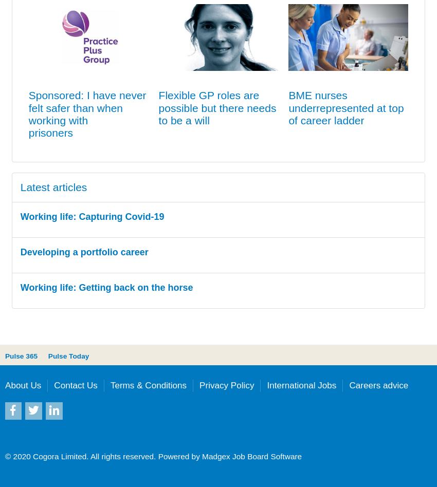 The width and height of the screenshot is (437, 487). Describe the element at coordinates (21, 355) in the screenshot. I see `'Pulse 365'` at that location.